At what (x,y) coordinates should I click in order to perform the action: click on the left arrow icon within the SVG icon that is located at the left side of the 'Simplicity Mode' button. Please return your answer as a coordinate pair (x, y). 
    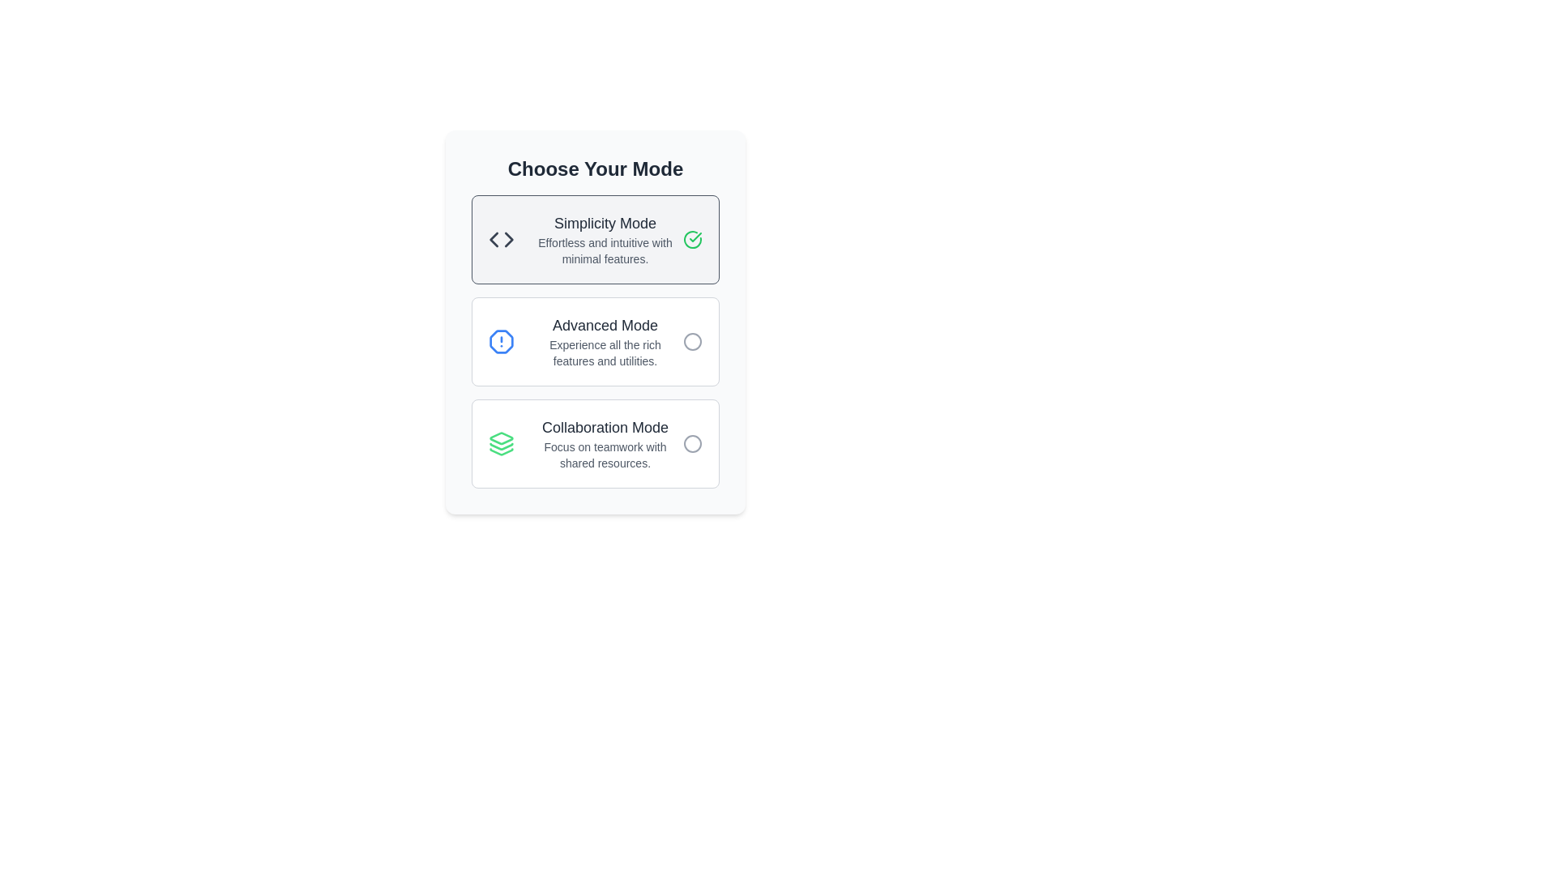
    Looking at the image, I should click on (493, 240).